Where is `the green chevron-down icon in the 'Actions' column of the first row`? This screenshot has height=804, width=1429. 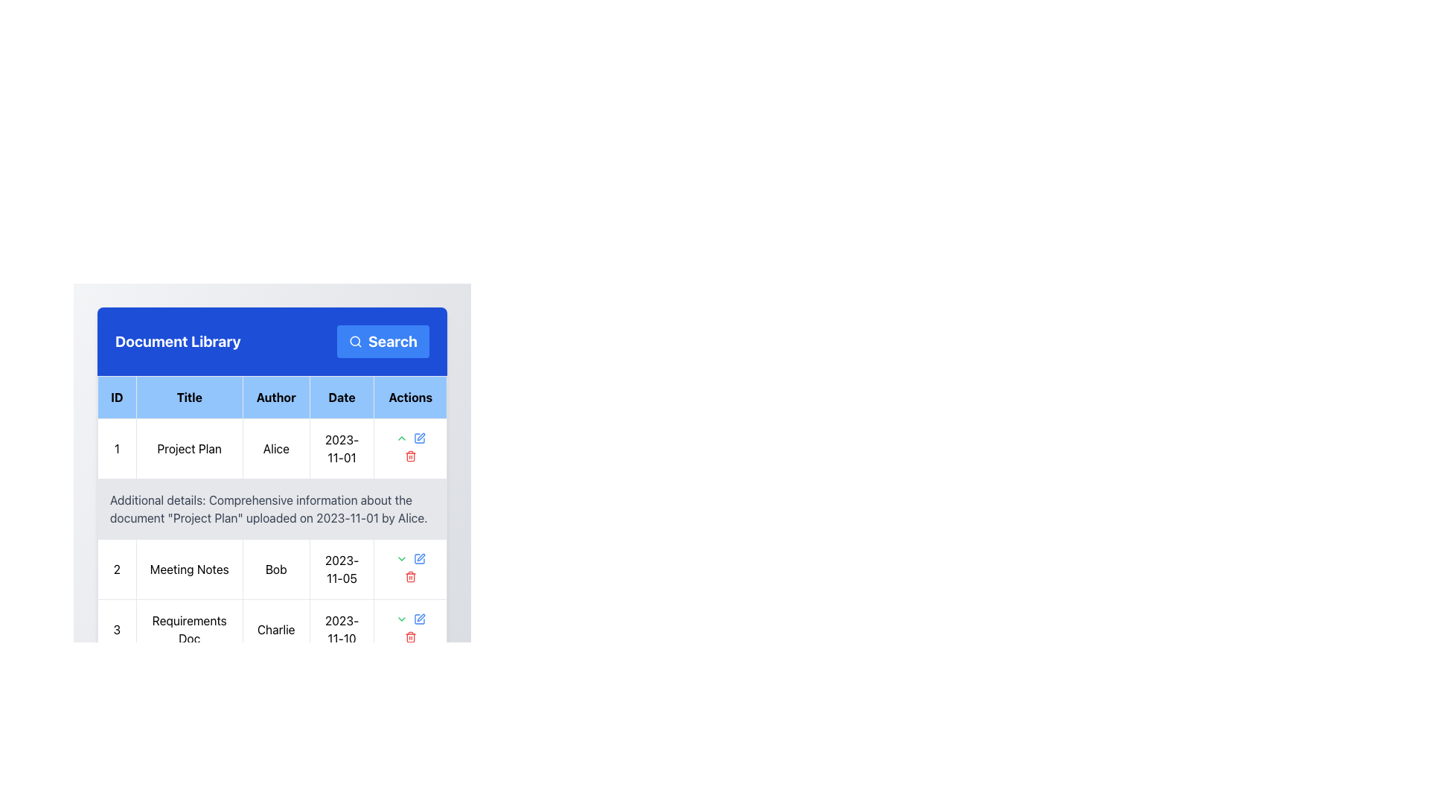 the green chevron-down icon in the 'Actions' column of the first row is located at coordinates (401, 559).